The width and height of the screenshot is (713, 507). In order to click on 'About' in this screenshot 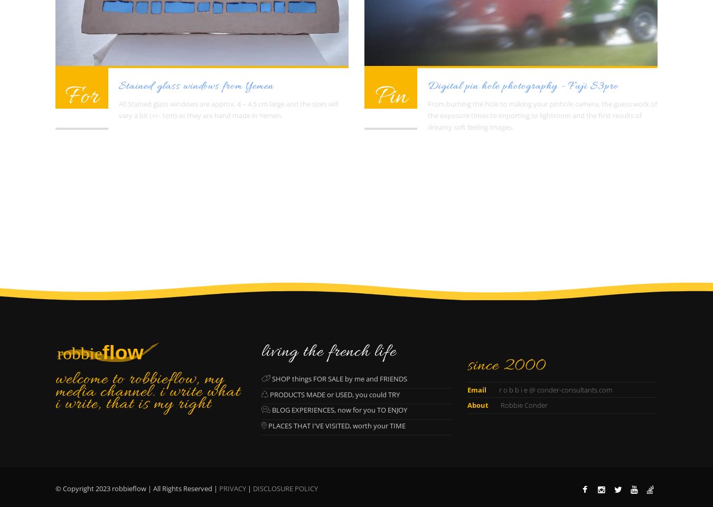, I will do `click(477, 405)`.